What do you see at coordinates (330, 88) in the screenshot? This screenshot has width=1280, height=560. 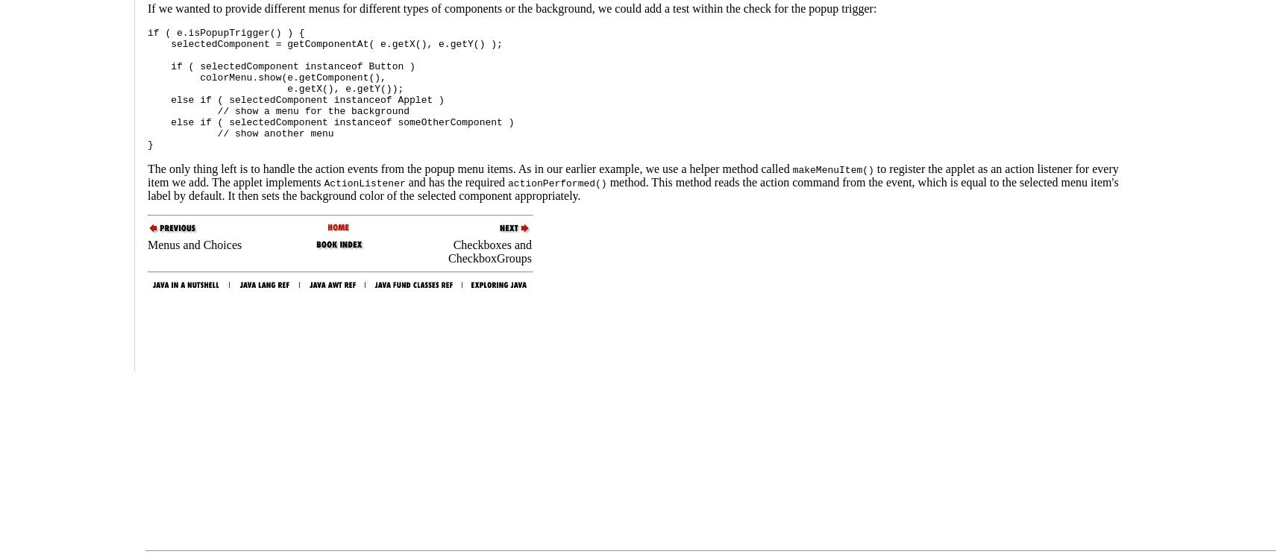 I see `'if ( e.isPopupTrigger() ) {
    selectedComponent = getComponentAt( e.getX(), e.getY() );
          
    if ( selectedComponent instanceof Button )
         colorMenu.show(e.getComponent(), 
                        e.getX(), e.getY());
    else if ( selectedComponent instanceof Applet )
            // show a menu for the background
    else if ( selectedComponent instanceof someOtherComponent )
            // show another menu
}'` at bounding box center [330, 88].